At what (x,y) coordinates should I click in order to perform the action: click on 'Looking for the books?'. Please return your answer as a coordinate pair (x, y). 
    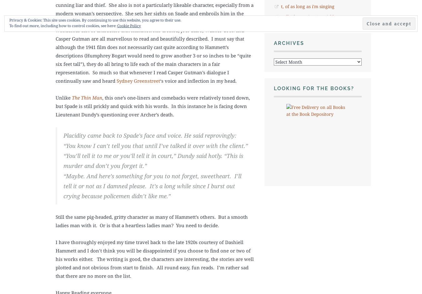
    Looking at the image, I should click on (313, 88).